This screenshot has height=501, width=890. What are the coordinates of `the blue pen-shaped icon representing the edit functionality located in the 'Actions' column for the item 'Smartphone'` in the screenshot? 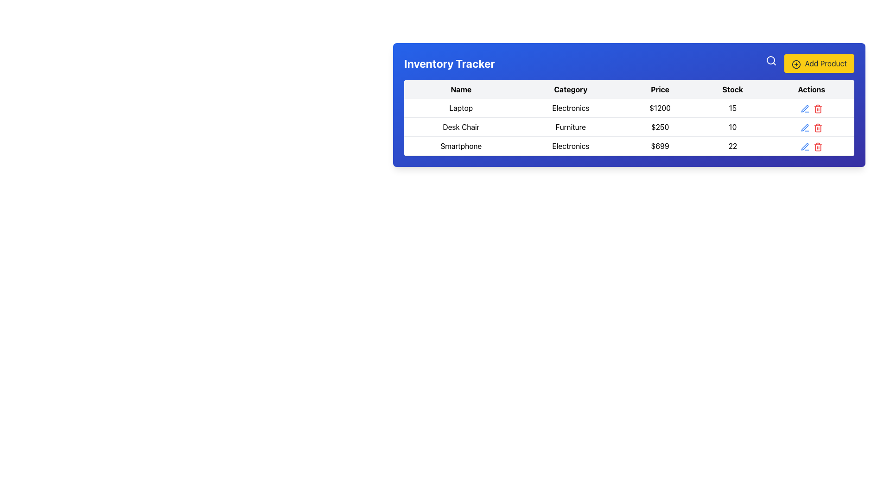 It's located at (804, 146).